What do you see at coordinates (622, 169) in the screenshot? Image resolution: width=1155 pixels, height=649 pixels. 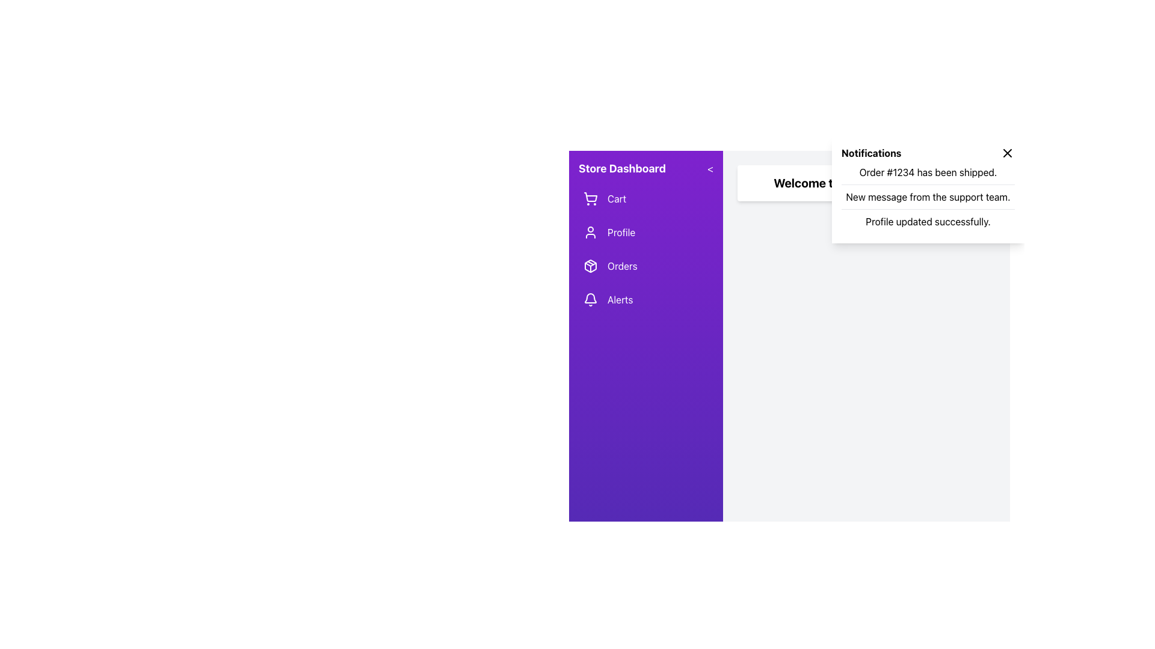 I see `the Text Label indicating the Store Dashboard section located in the upper-left corner of the purple sidebar` at bounding box center [622, 169].